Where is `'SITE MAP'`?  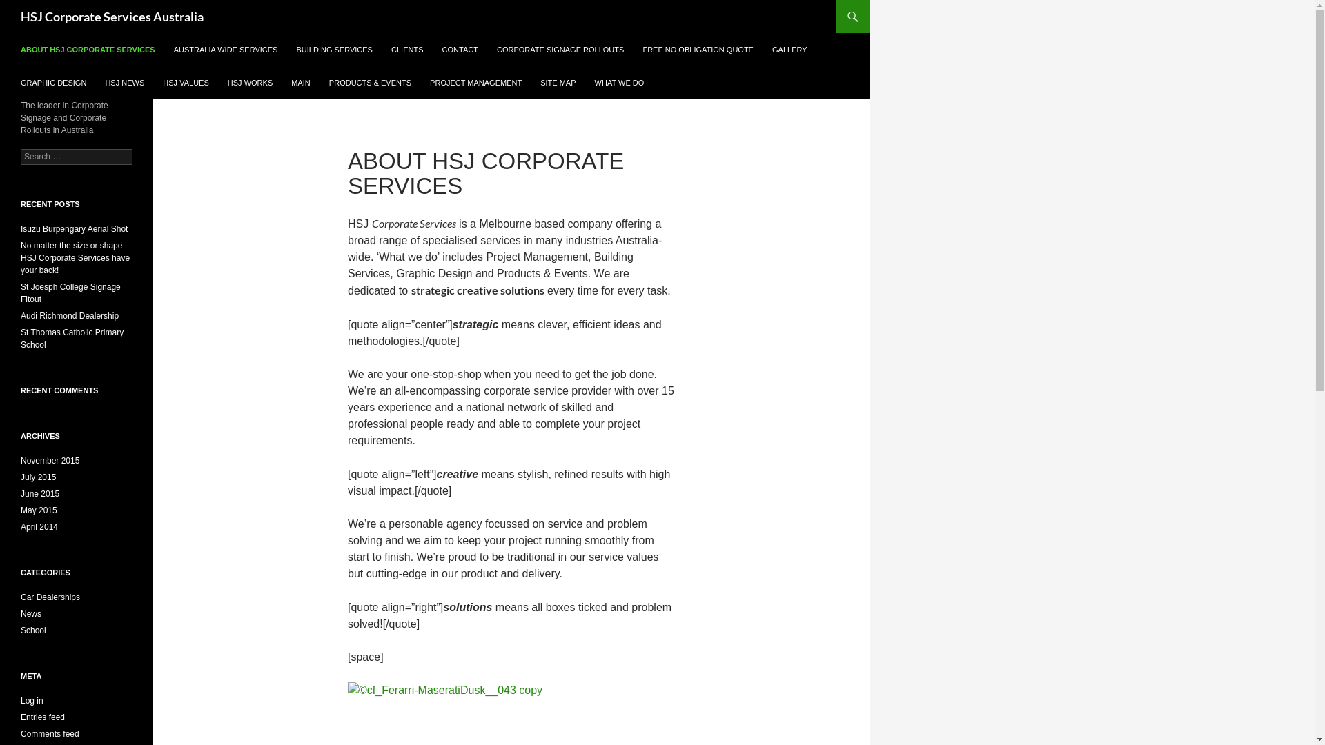
'SITE MAP' is located at coordinates (558, 82).